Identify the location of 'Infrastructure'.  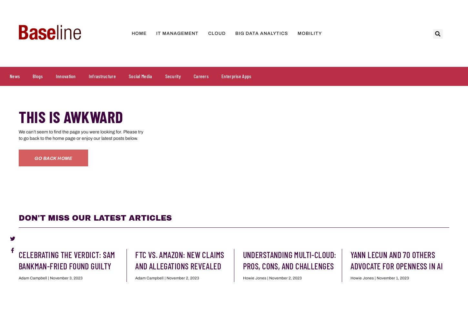
(102, 76).